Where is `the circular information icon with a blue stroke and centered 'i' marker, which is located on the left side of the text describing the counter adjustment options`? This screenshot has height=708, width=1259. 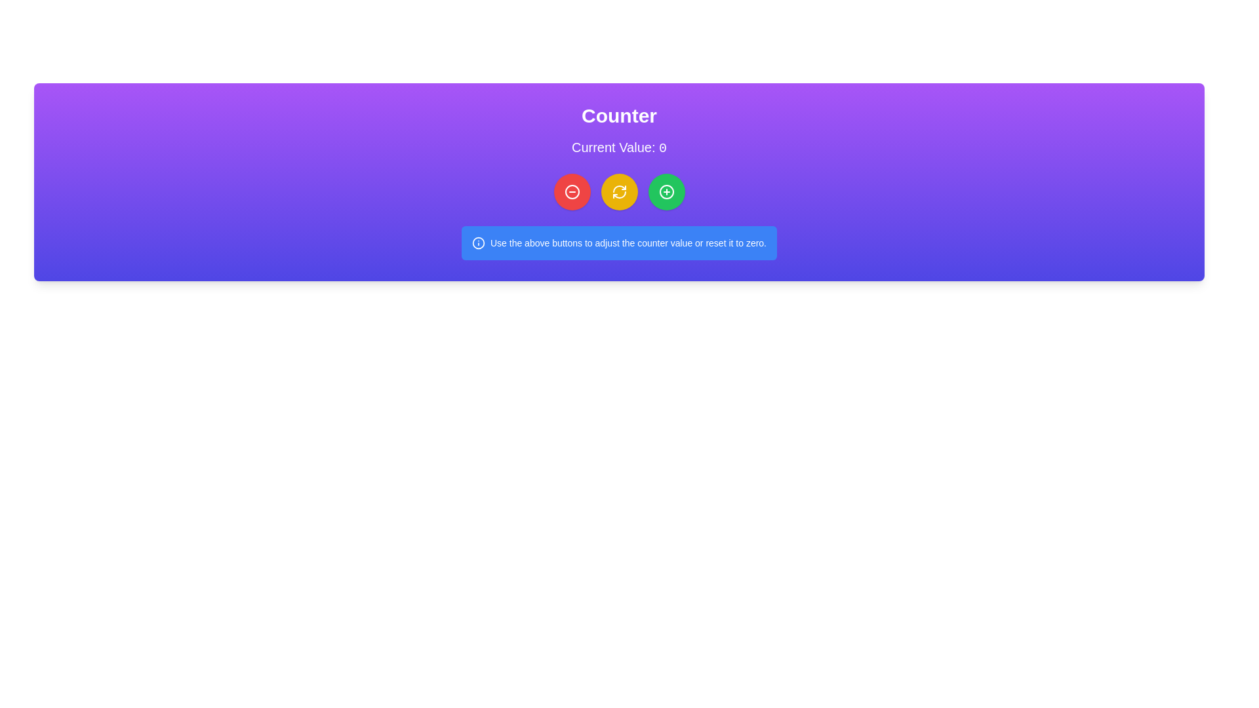
the circular information icon with a blue stroke and centered 'i' marker, which is located on the left side of the text describing the counter adjustment options is located at coordinates (477, 243).